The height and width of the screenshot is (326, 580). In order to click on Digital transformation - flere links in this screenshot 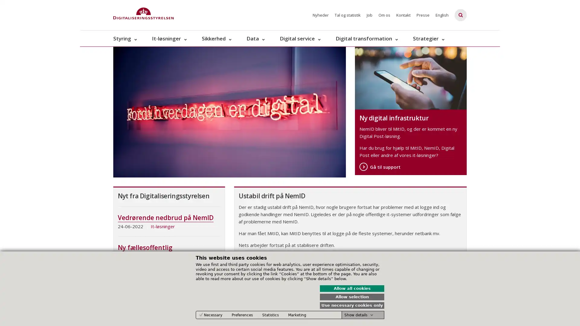, I will do `click(396, 39)`.